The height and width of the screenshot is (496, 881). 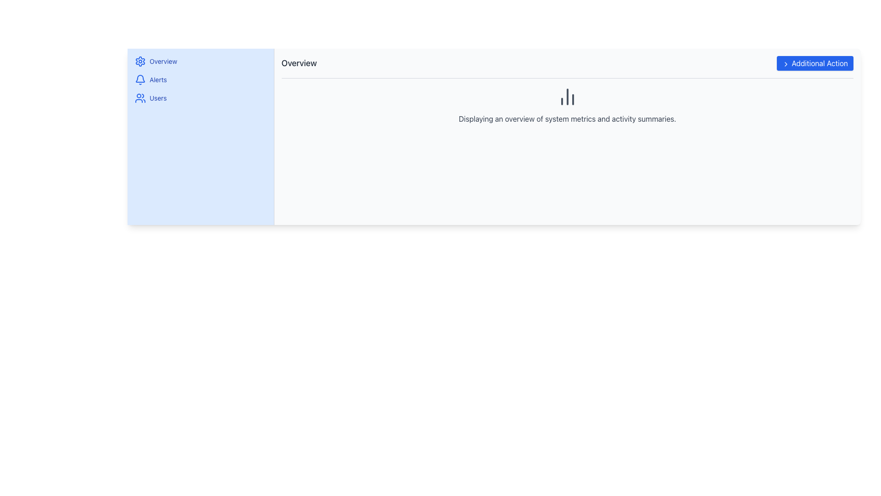 I want to click on the settings icon located at the navigation area, so click(x=140, y=62).